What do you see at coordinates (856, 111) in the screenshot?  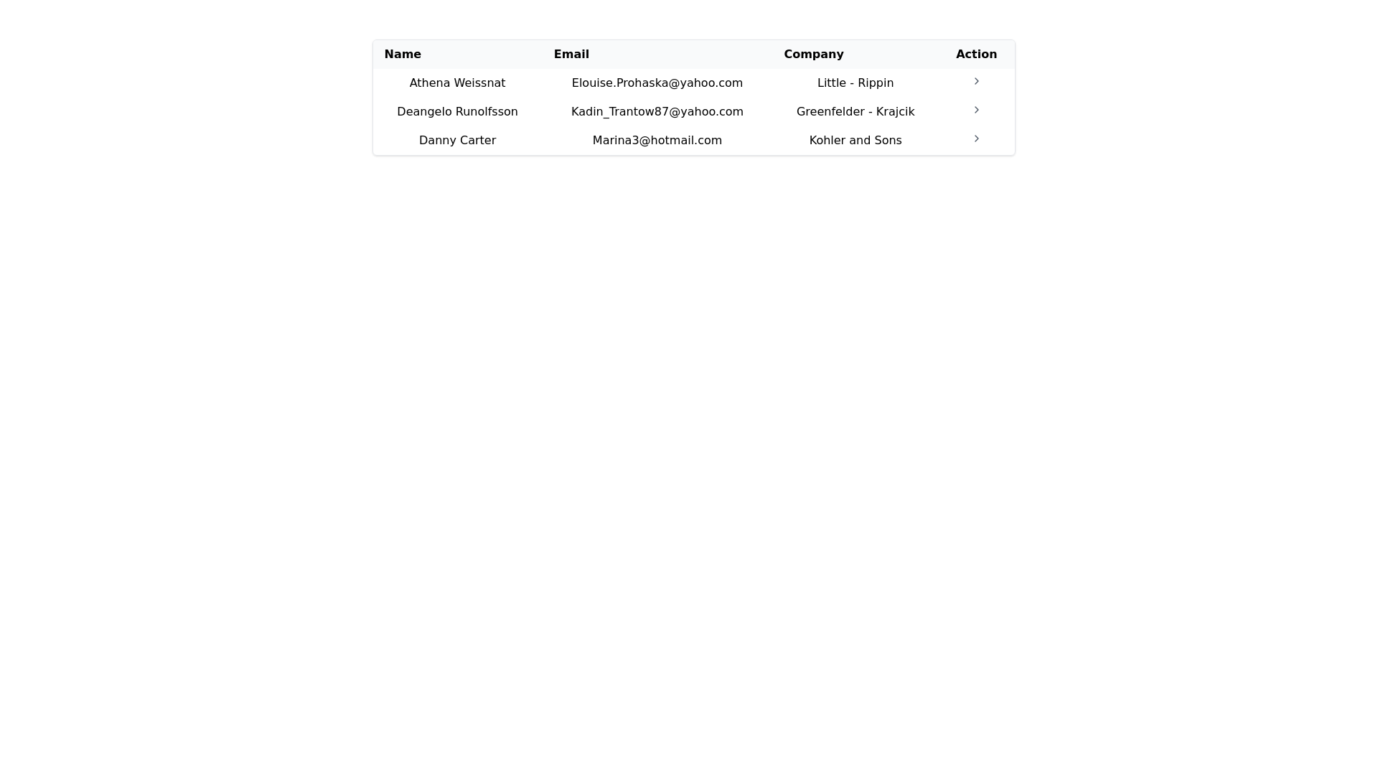 I see `the table cell containing the text 'Greenfelder - Krajcik', which is the third cell in the second row under the 'Company' column` at bounding box center [856, 111].